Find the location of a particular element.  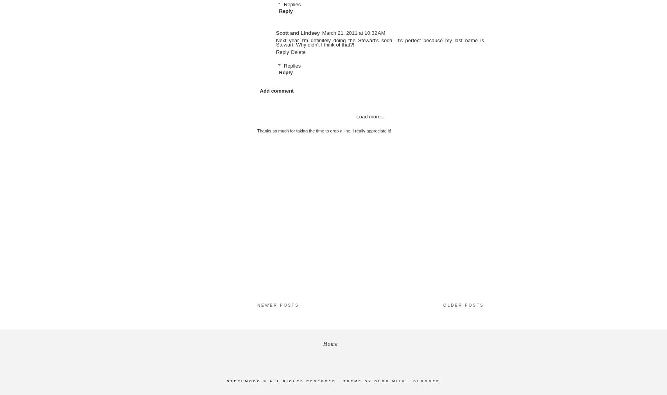

'© All rights reserved · Theme by' is located at coordinates (317, 381).